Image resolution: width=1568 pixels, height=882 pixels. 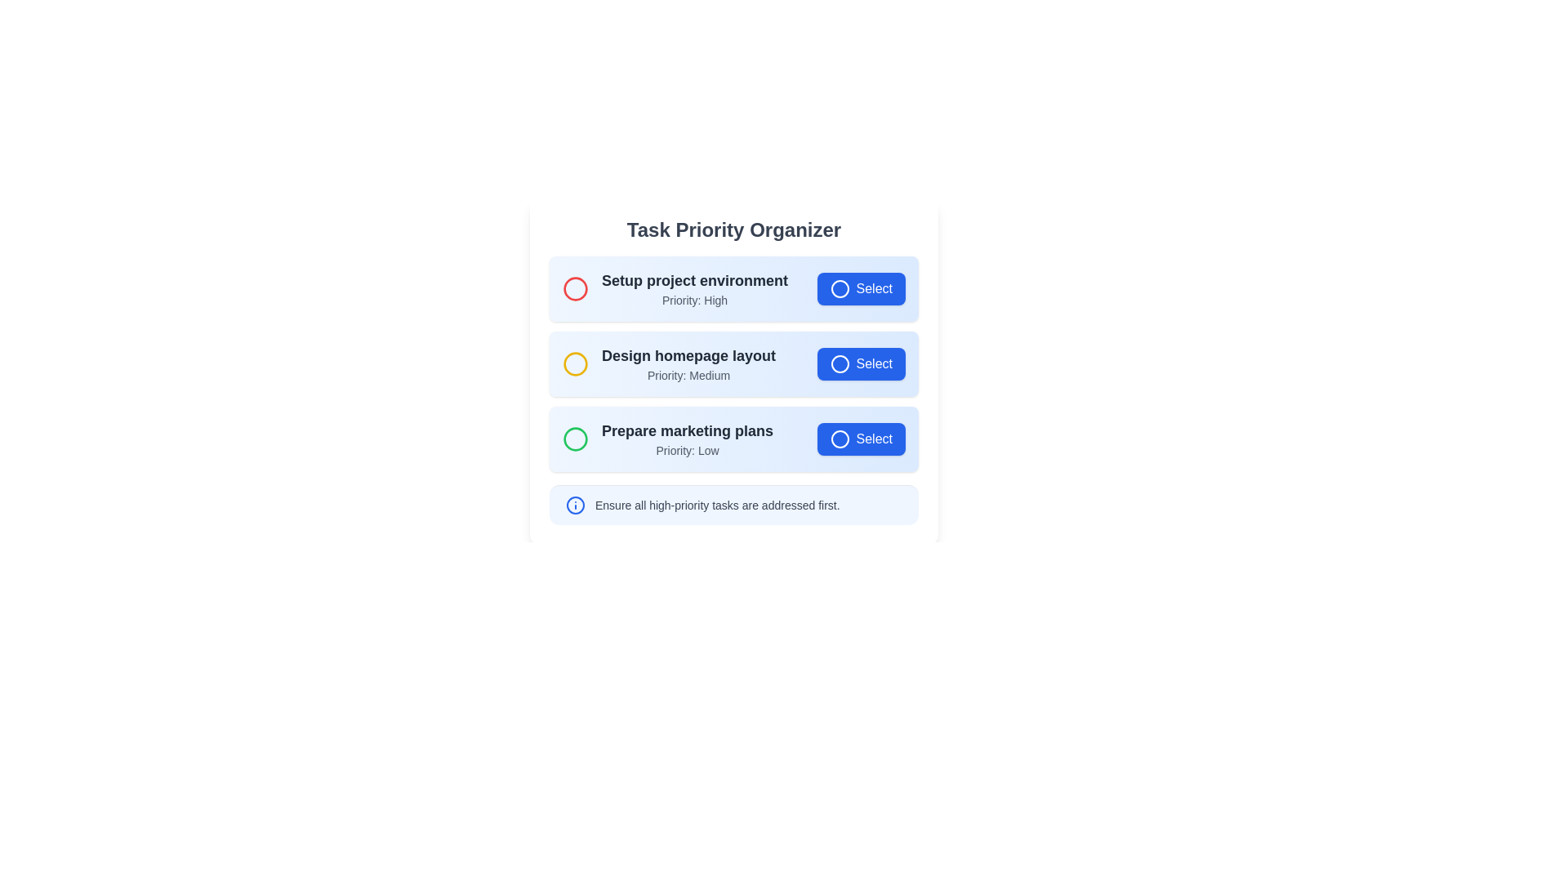 What do you see at coordinates (860, 363) in the screenshot?
I see `the 'Select' button with a blue background and white text, which is located on the right side of the 'Design homepage layout' row` at bounding box center [860, 363].